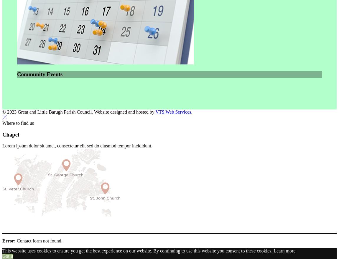 Image resolution: width=339 pixels, height=261 pixels. Describe the element at coordinates (10, 134) in the screenshot. I see `'Chapel'` at that location.